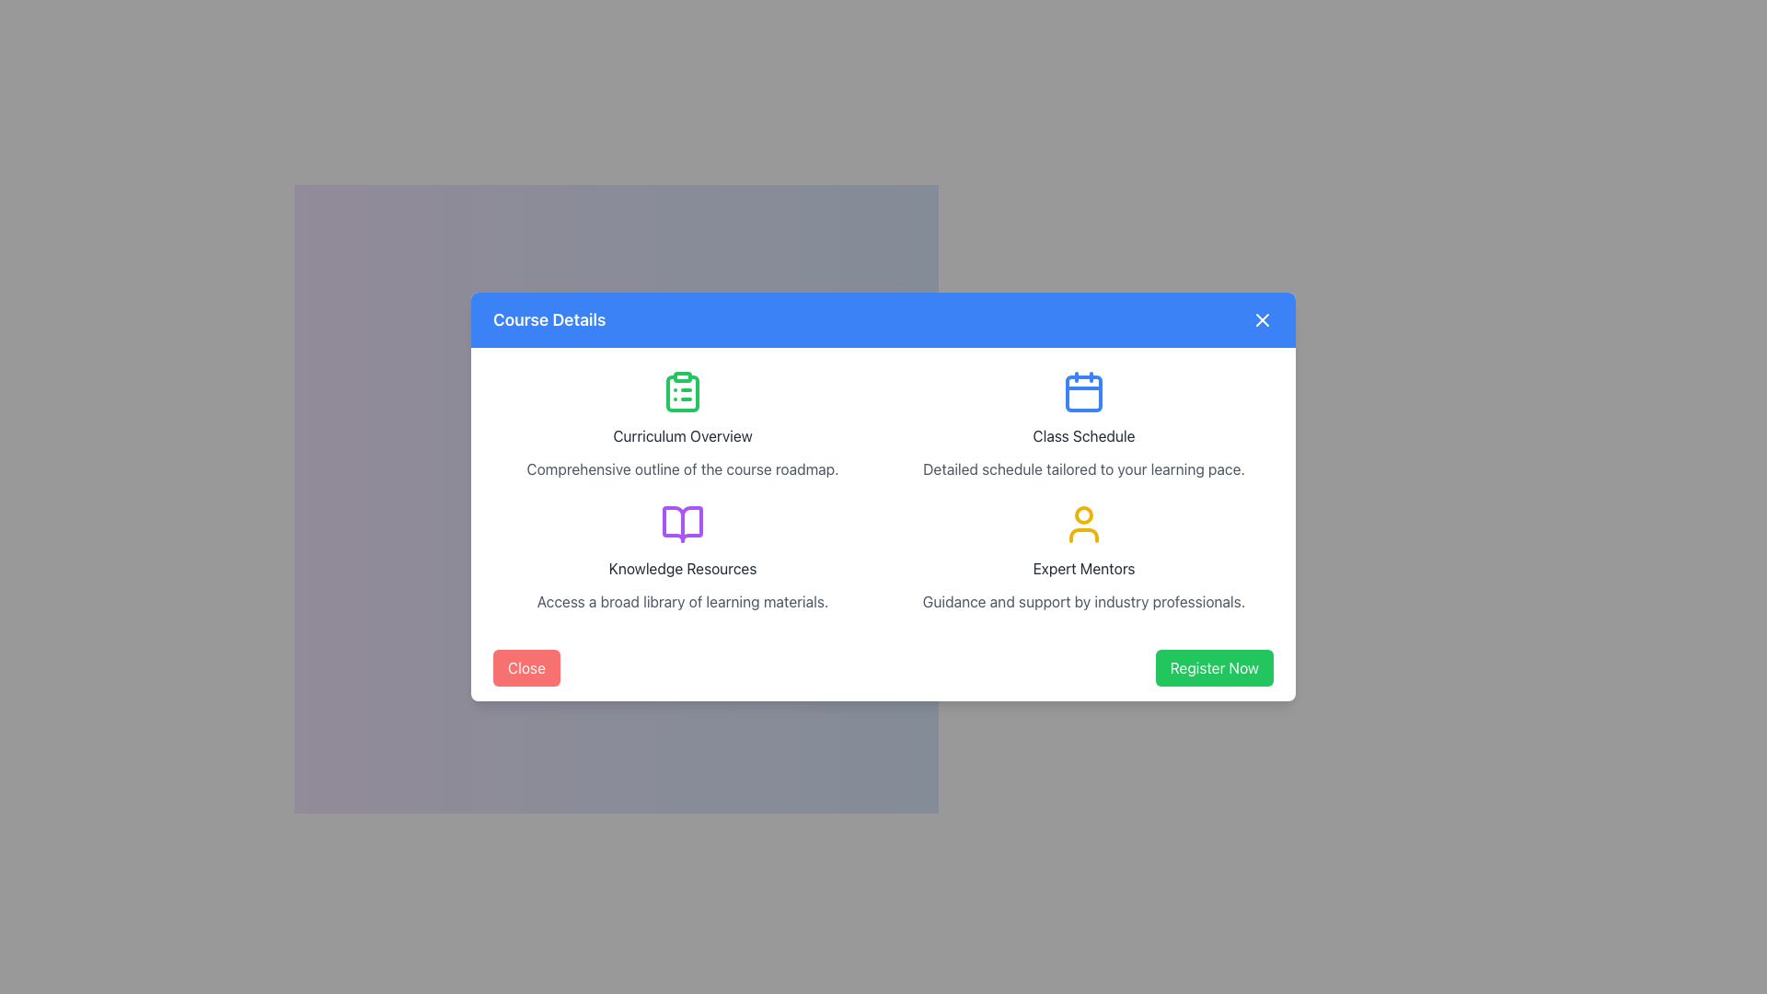  I want to click on the text label reading 'Expert Mentors' which is styled in dark gray, located centrally below a yellow user icon, so click(1083, 567).